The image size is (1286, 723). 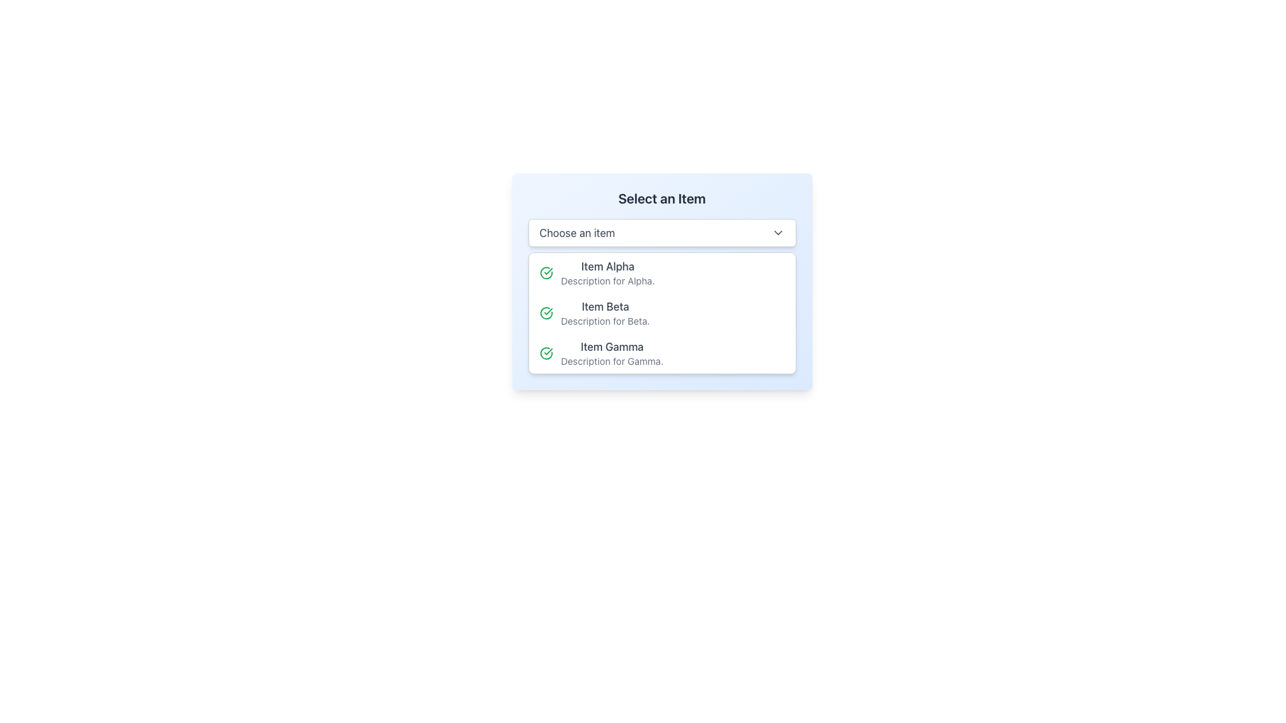 I want to click on the checkmark icon indicating confirmation for 'Item Gamma', which is the third icon in the list positioned to the left of the associated text, so click(x=546, y=353).